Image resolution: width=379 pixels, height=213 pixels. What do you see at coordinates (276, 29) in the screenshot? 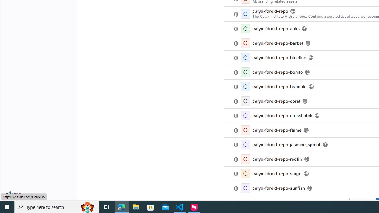
I see `'calyx-fdroid-repo-apks'` at bounding box center [276, 29].